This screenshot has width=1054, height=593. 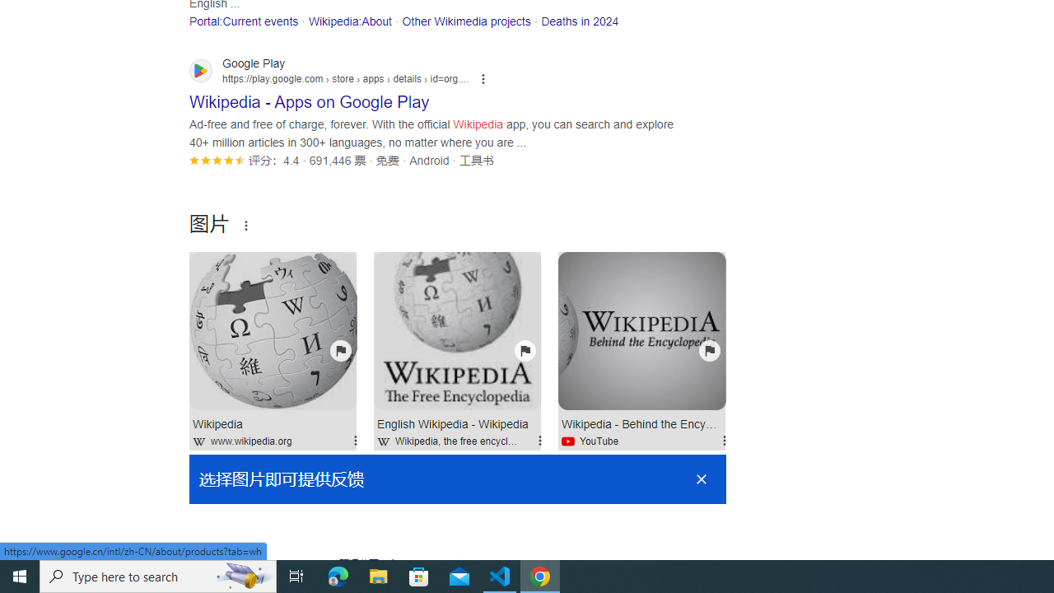 What do you see at coordinates (465, 21) in the screenshot?
I see `'Other Wikimedia projects'` at bounding box center [465, 21].